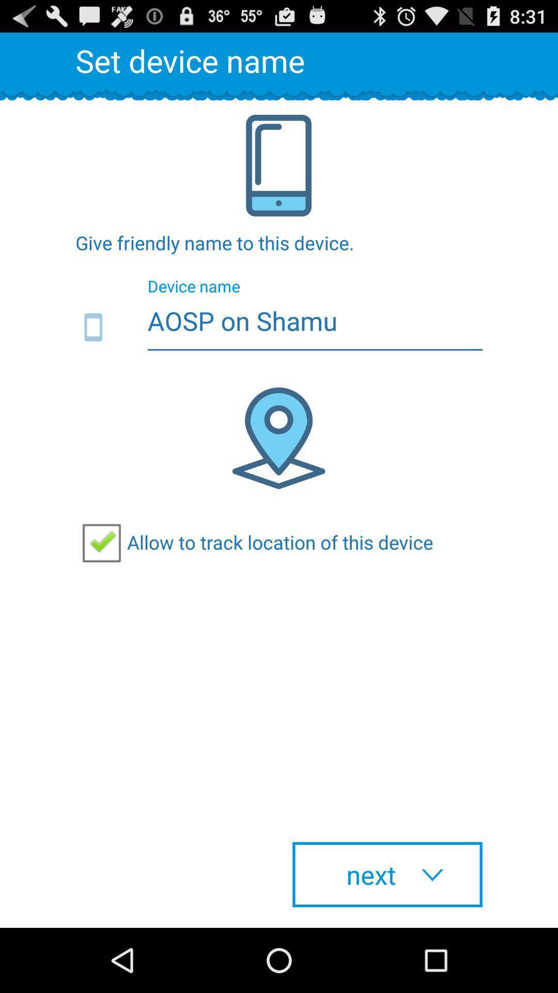  Describe the element at coordinates (387, 874) in the screenshot. I see `next at the bottom right corner` at that location.